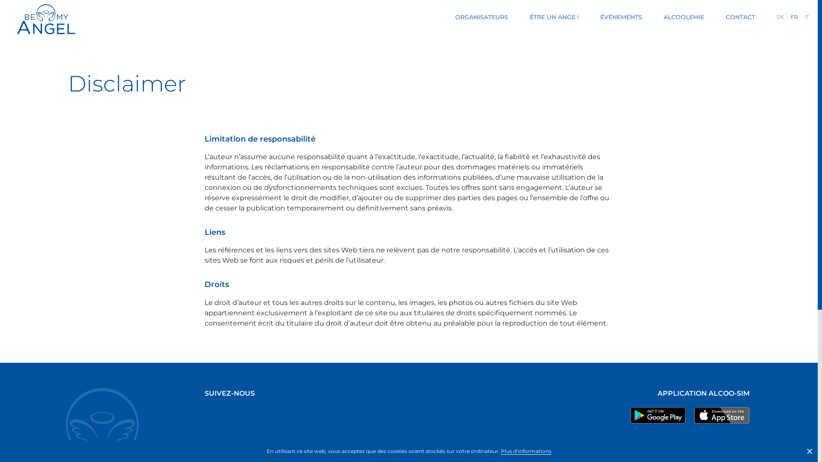 This screenshot has width=822, height=462. Describe the element at coordinates (806, 17) in the screenshot. I see `'IT'` at that location.